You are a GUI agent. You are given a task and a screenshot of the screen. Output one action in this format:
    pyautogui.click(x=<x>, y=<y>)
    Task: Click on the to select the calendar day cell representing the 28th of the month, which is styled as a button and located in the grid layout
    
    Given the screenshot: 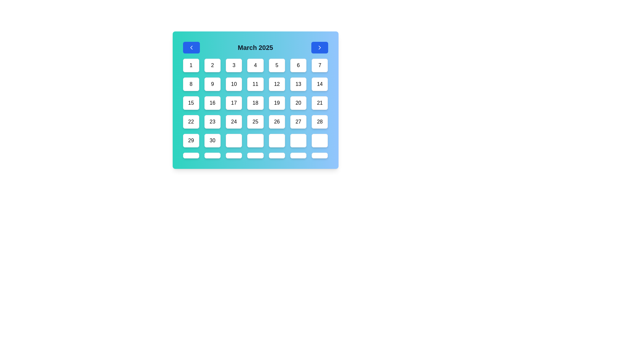 What is the action you would take?
    pyautogui.click(x=320, y=122)
    